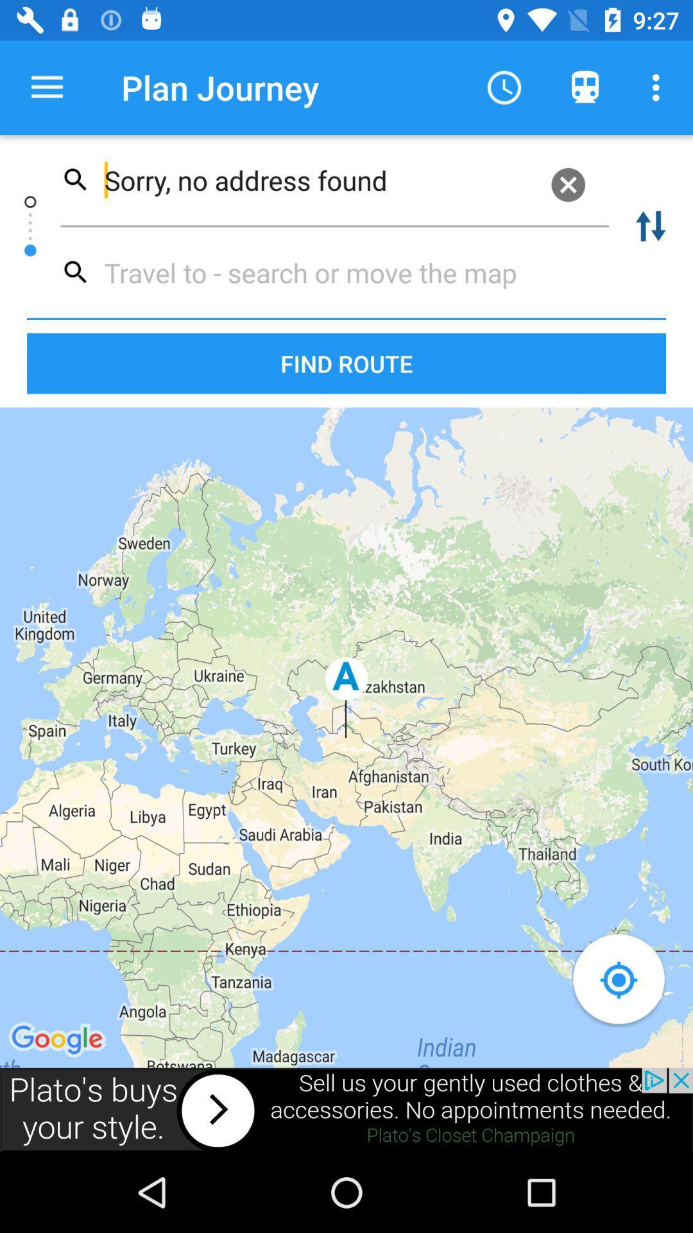 The height and width of the screenshot is (1233, 693). I want to click on the swap icon, so click(651, 226).